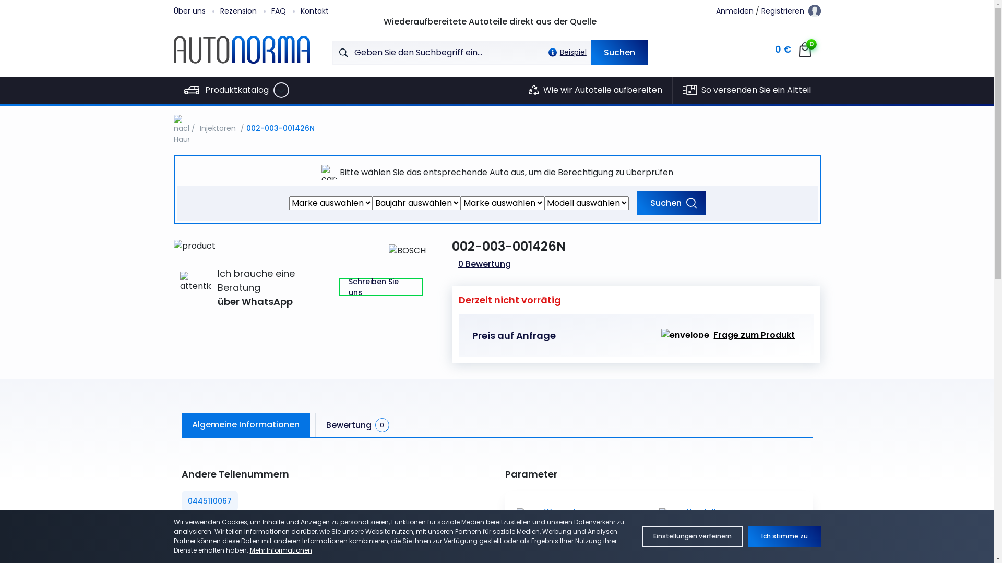 The height and width of the screenshot is (563, 1002). I want to click on 'Produktkatalog', so click(173, 90).